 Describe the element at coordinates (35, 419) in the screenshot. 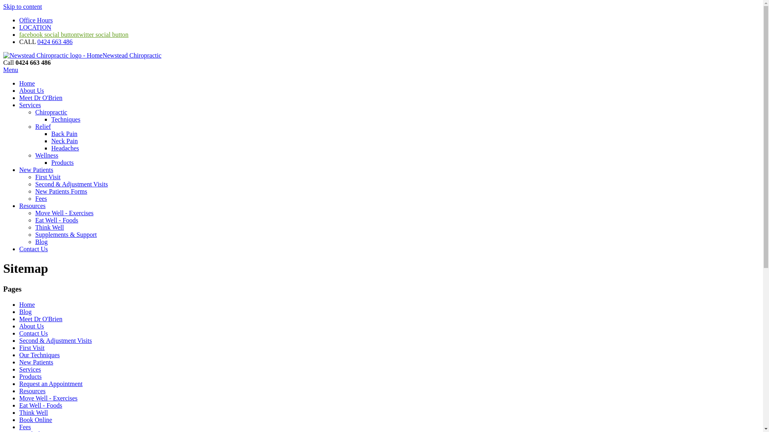

I see `'Book Online'` at that location.